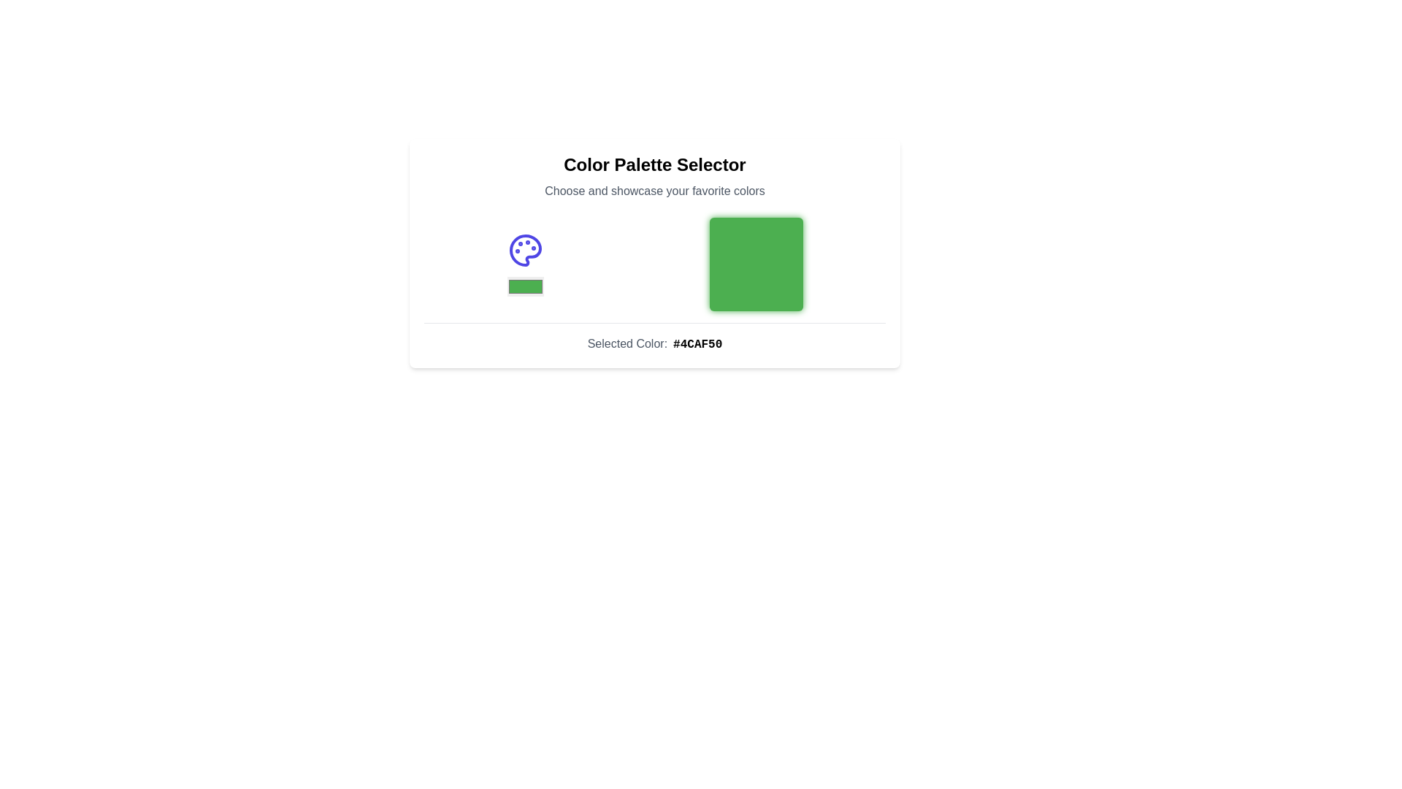 The height and width of the screenshot is (789, 1402). What do you see at coordinates (525, 286) in the screenshot?
I see `the small rectangular color selector with a solid green color` at bounding box center [525, 286].